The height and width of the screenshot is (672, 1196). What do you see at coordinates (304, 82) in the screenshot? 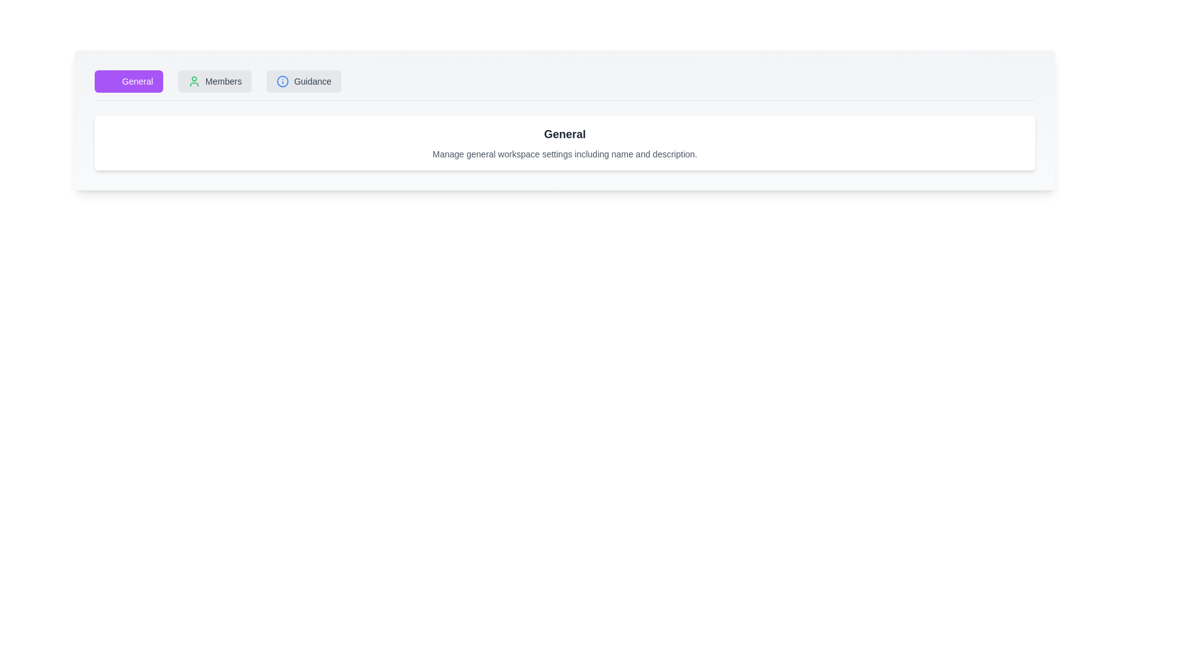
I see `the Guidance tab to view its content` at bounding box center [304, 82].